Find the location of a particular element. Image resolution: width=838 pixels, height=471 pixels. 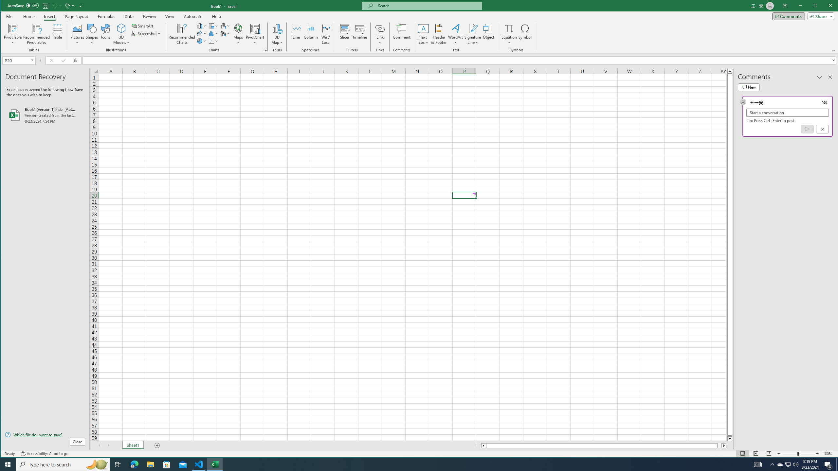

'Insert Column or Bar Chart' is located at coordinates (201, 26).